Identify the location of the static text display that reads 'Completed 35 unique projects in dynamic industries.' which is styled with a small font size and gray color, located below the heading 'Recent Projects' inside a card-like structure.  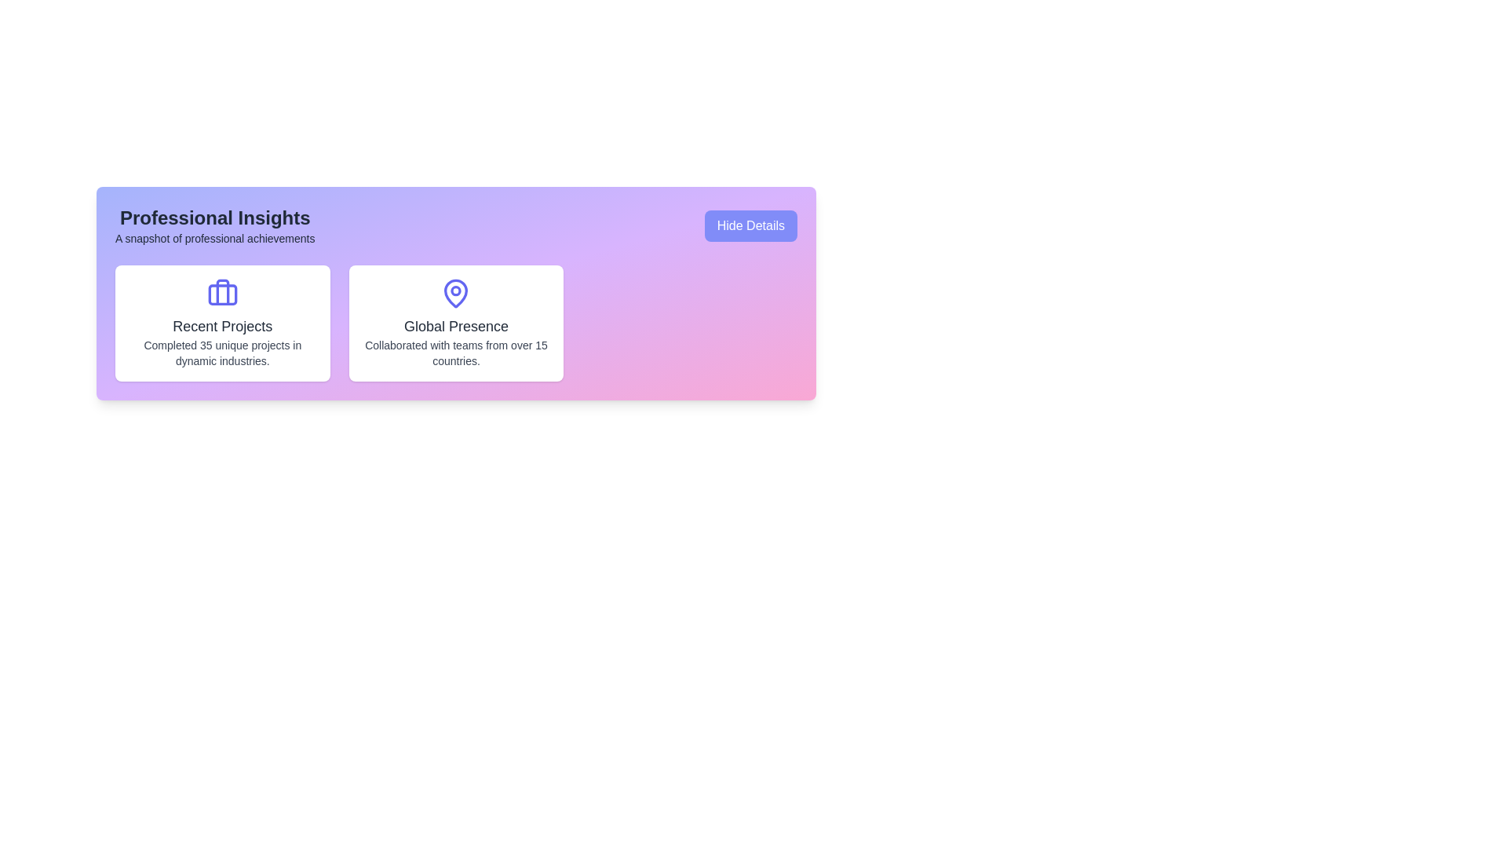
(221, 353).